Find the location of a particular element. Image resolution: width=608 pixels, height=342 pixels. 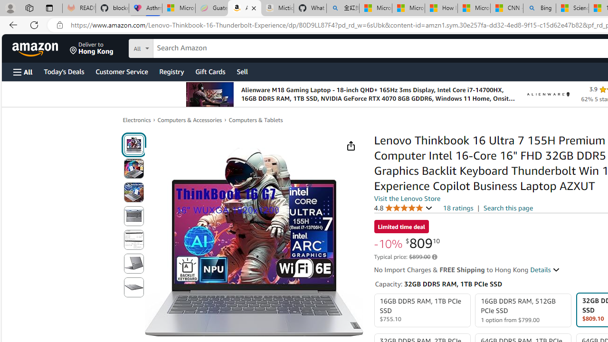

'Details ' is located at coordinates (545, 270).